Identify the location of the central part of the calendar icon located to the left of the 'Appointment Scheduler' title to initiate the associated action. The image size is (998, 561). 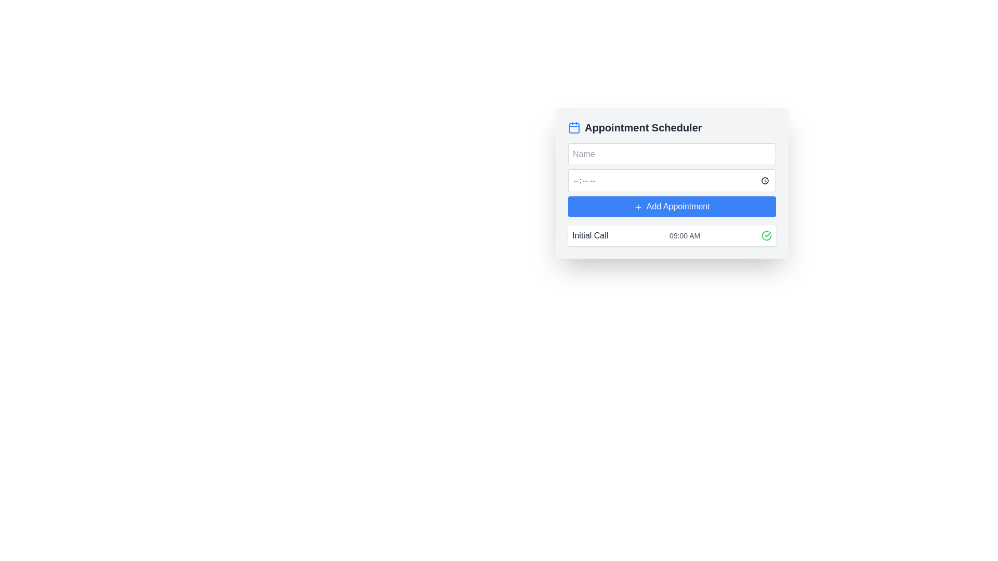
(573, 127).